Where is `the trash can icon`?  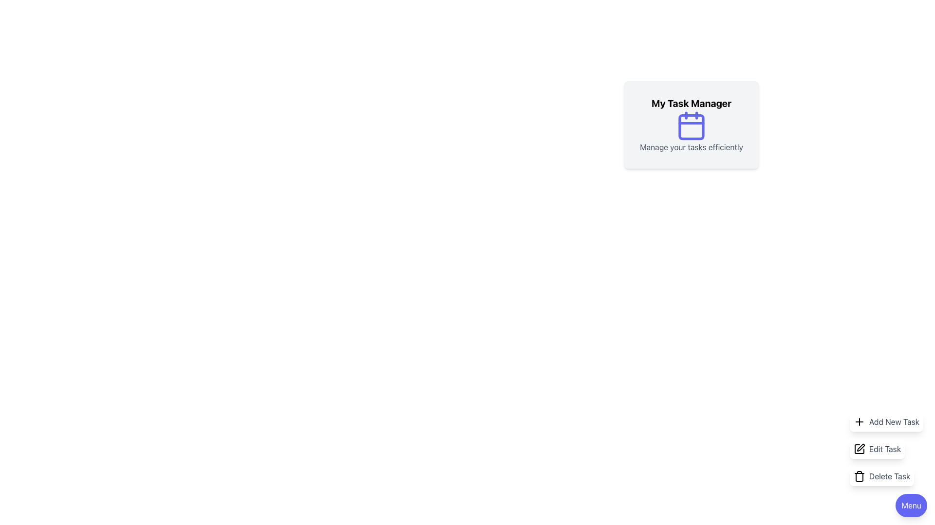 the trash can icon is located at coordinates (860, 475).